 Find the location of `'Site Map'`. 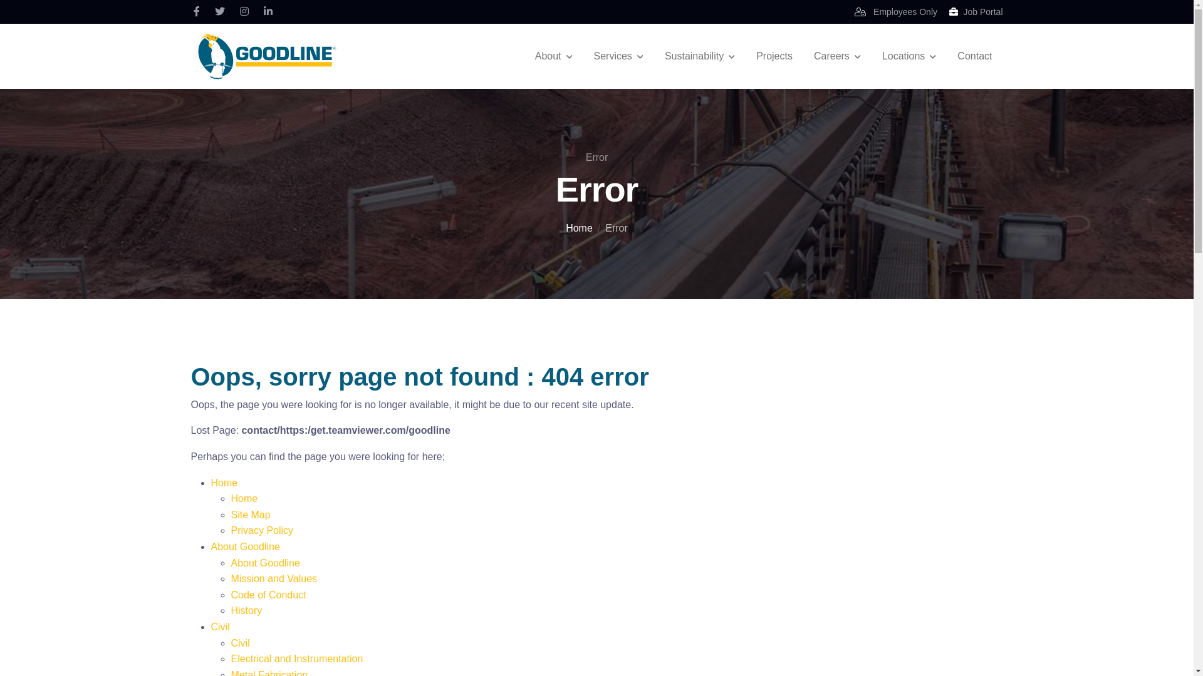

'Site Map' is located at coordinates (250, 515).